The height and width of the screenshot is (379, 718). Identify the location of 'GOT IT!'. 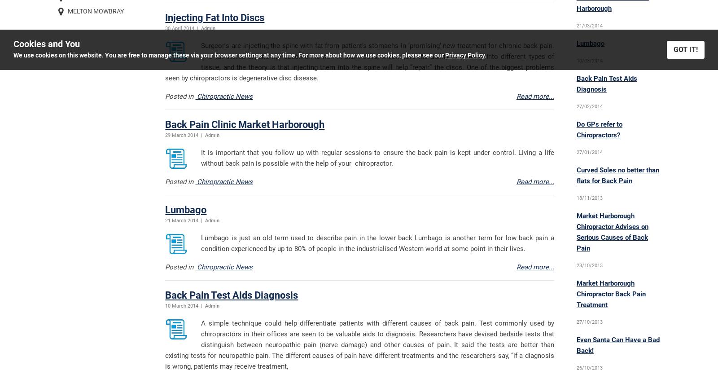
(686, 49).